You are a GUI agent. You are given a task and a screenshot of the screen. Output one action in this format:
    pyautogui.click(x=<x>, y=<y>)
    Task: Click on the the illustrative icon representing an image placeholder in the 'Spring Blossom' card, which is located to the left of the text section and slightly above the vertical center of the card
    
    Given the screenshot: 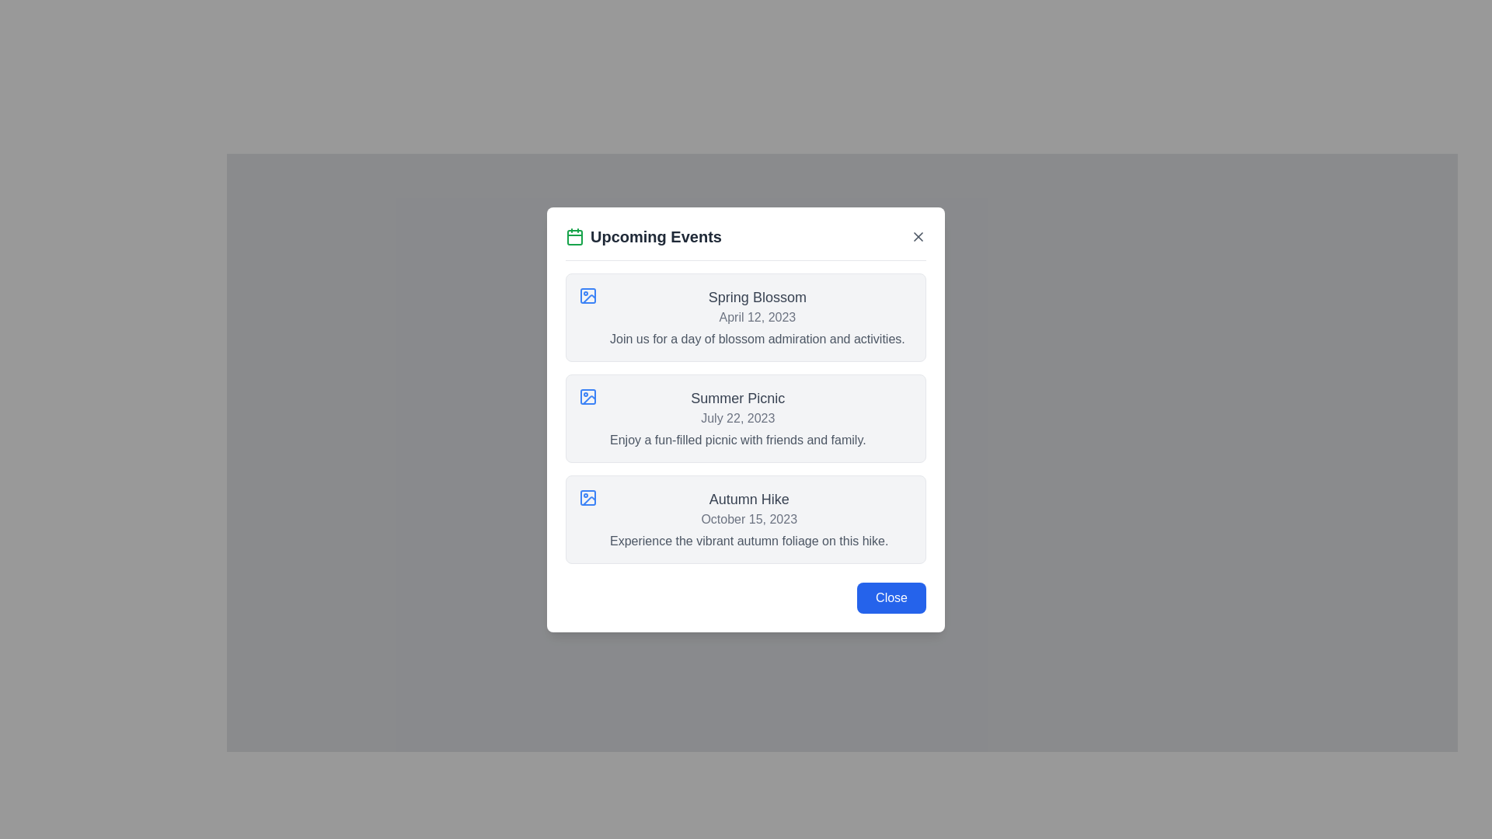 What is the action you would take?
    pyautogui.click(x=587, y=295)
    